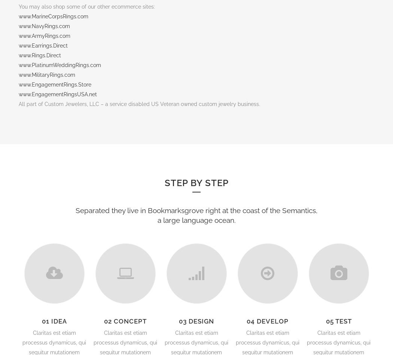 The image size is (393, 355). What do you see at coordinates (139, 104) in the screenshot?
I see `'All part of Custom Jewelers, LLC – a service disabled US Veteran owned custom jewelry business.'` at bounding box center [139, 104].